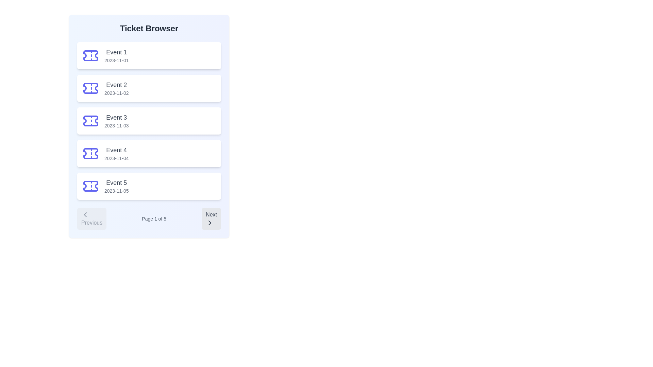 The width and height of the screenshot is (653, 367). I want to click on contents of the text label that serves as the title for the third event in the list, located above the '2023-11-03' subtitle and below the second event item, so click(116, 117).